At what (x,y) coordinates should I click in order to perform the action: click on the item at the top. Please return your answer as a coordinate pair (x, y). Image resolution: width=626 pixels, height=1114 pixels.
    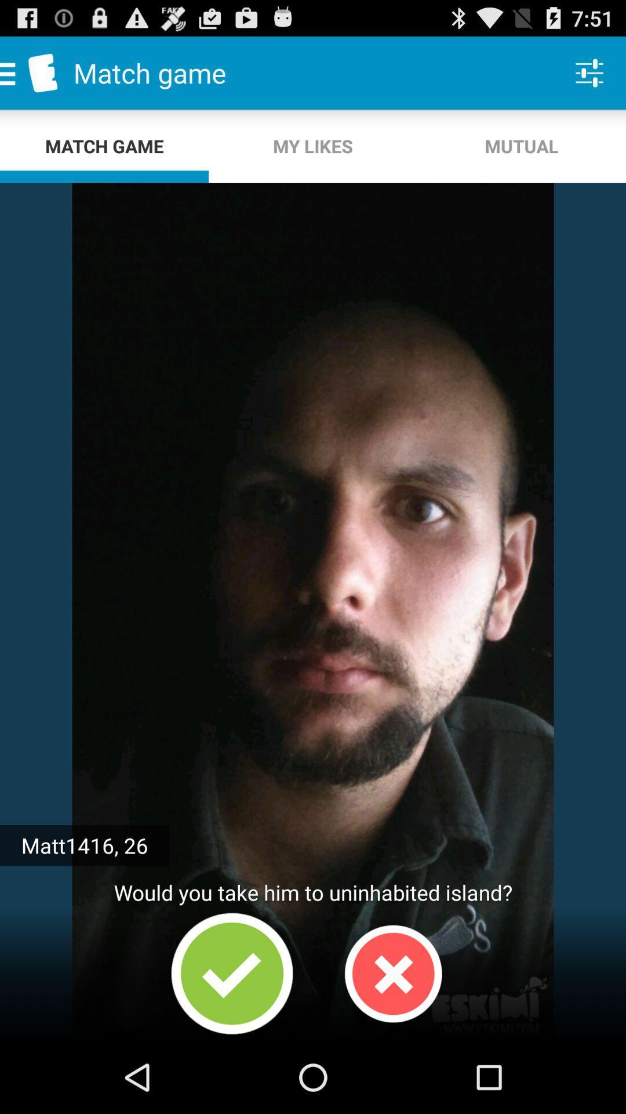
    Looking at the image, I should click on (313, 146).